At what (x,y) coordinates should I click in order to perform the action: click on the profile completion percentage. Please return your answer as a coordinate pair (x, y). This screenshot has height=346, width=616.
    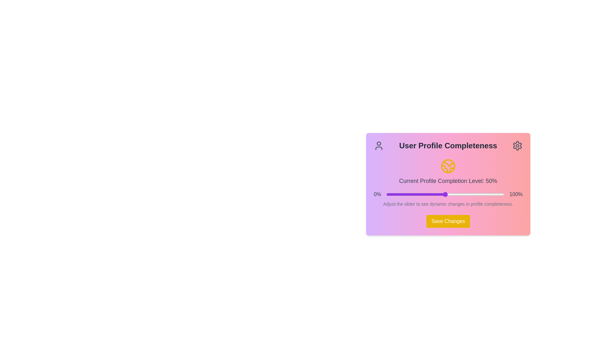
    Looking at the image, I should click on (439, 194).